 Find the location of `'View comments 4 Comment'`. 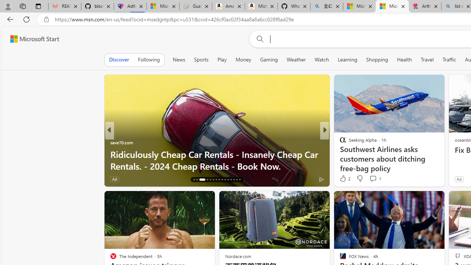

'View comments 4 Comment' is located at coordinates (375, 179).